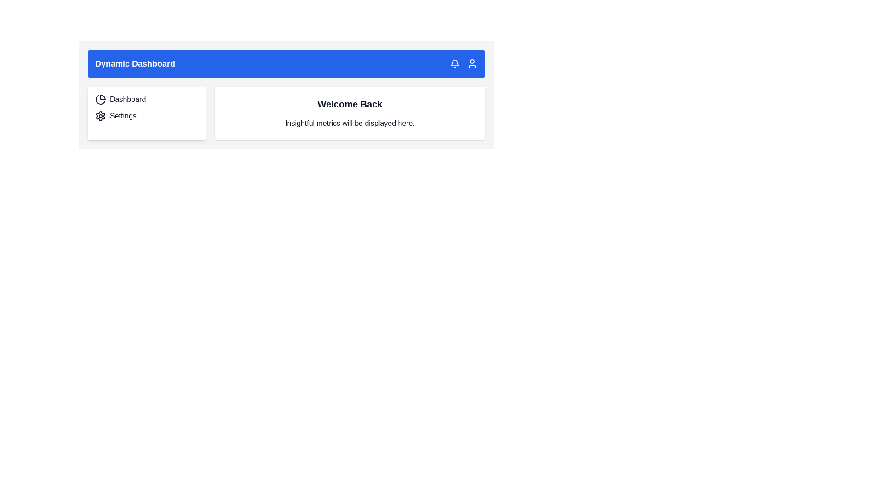 The height and width of the screenshot is (496, 883). Describe the element at coordinates (472, 63) in the screenshot. I see `the user profile button located at the top-right corner of the interface` at that location.